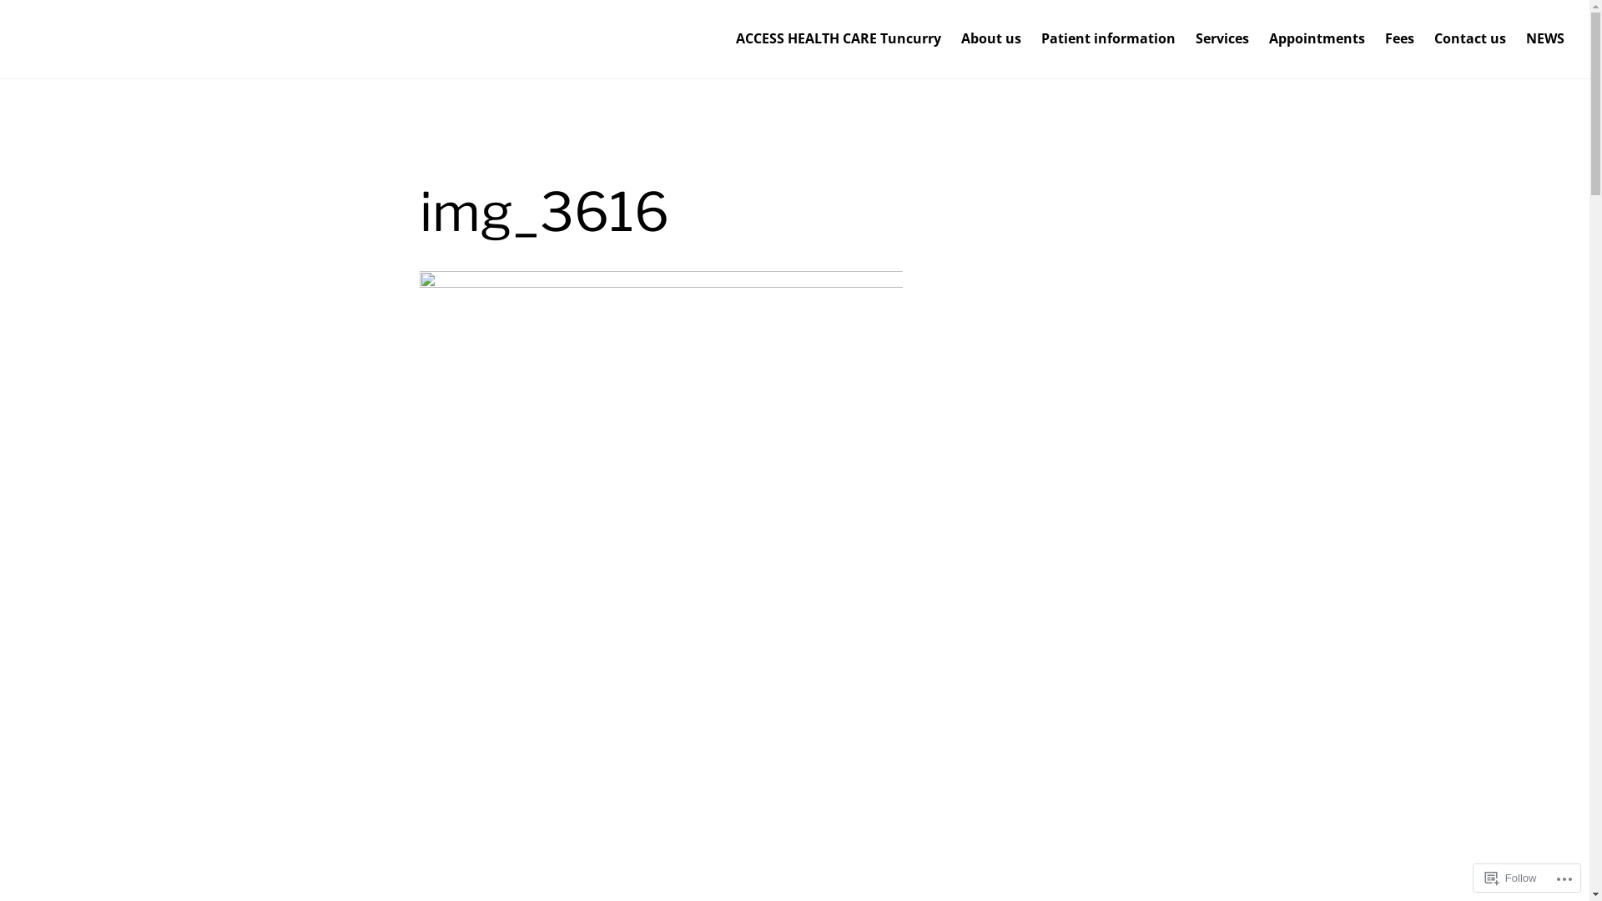 The height and width of the screenshot is (901, 1602). I want to click on 'Appointments', so click(1268, 38).